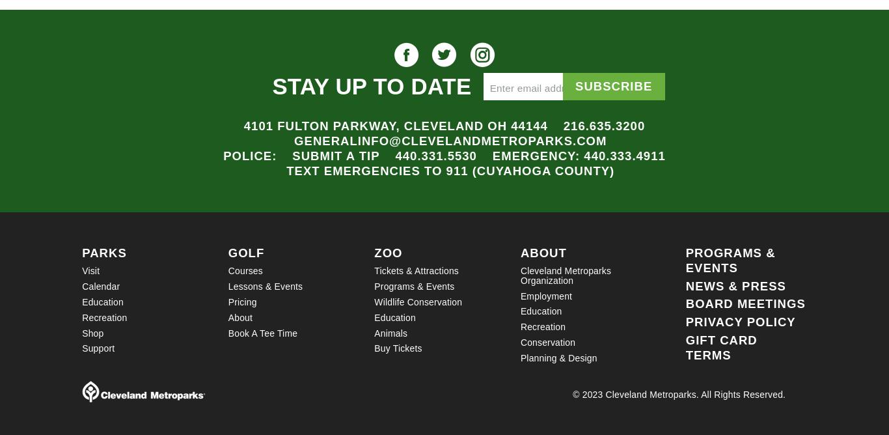  What do you see at coordinates (491, 156) in the screenshot?
I see `'Emergency: 440.333.4911'` at bounding box center [491, 156].